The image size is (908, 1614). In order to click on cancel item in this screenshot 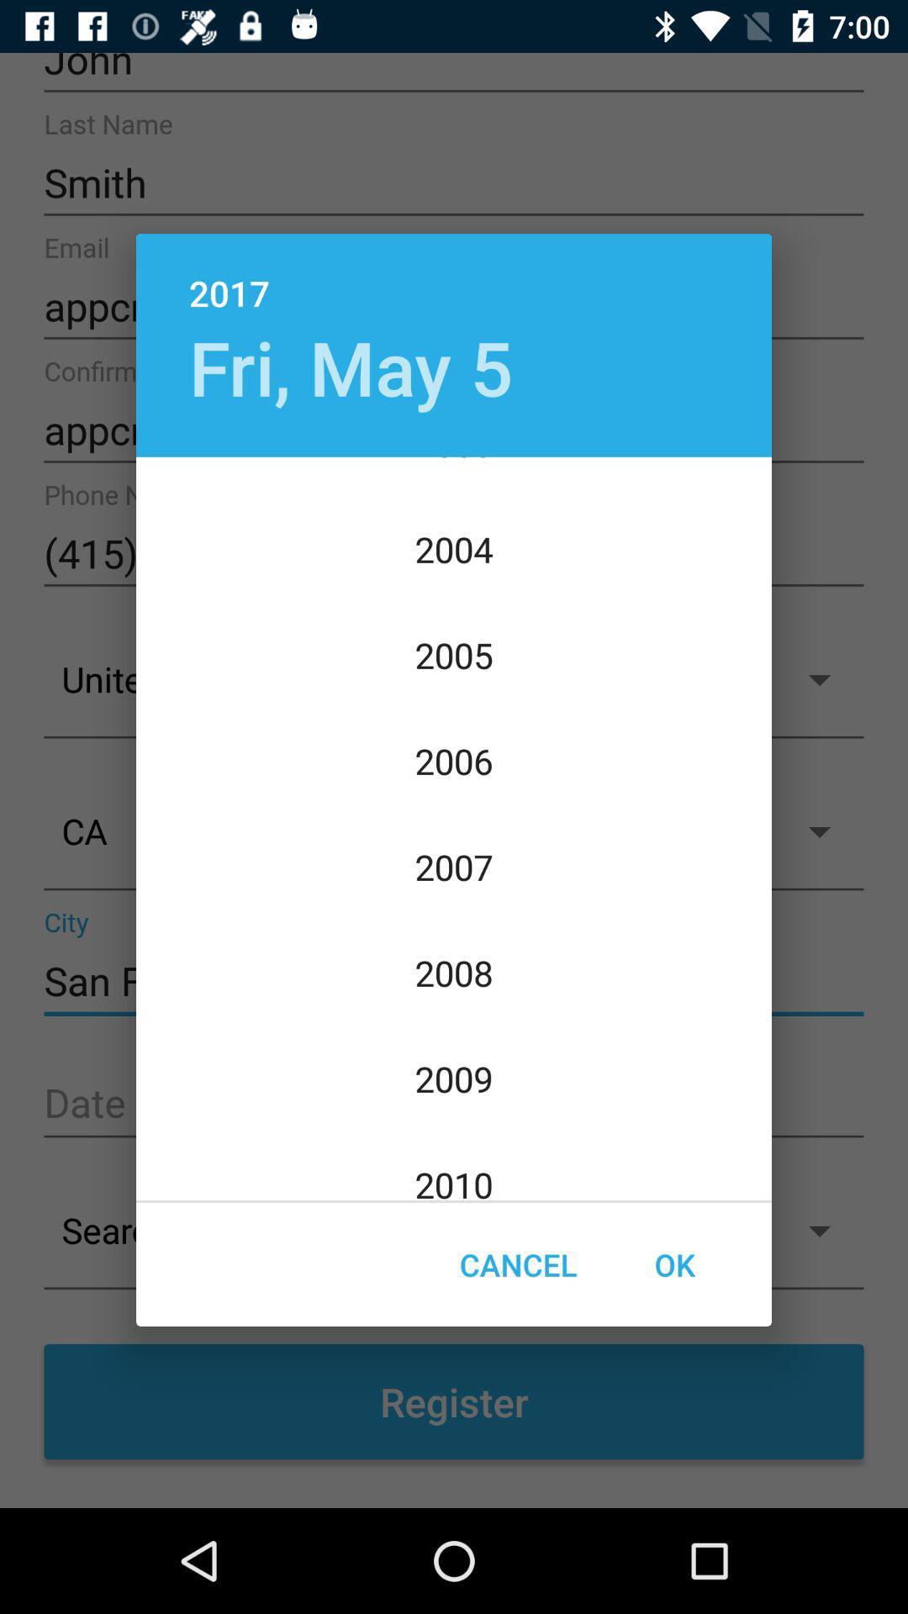, I will do `click(517, 1264)`.